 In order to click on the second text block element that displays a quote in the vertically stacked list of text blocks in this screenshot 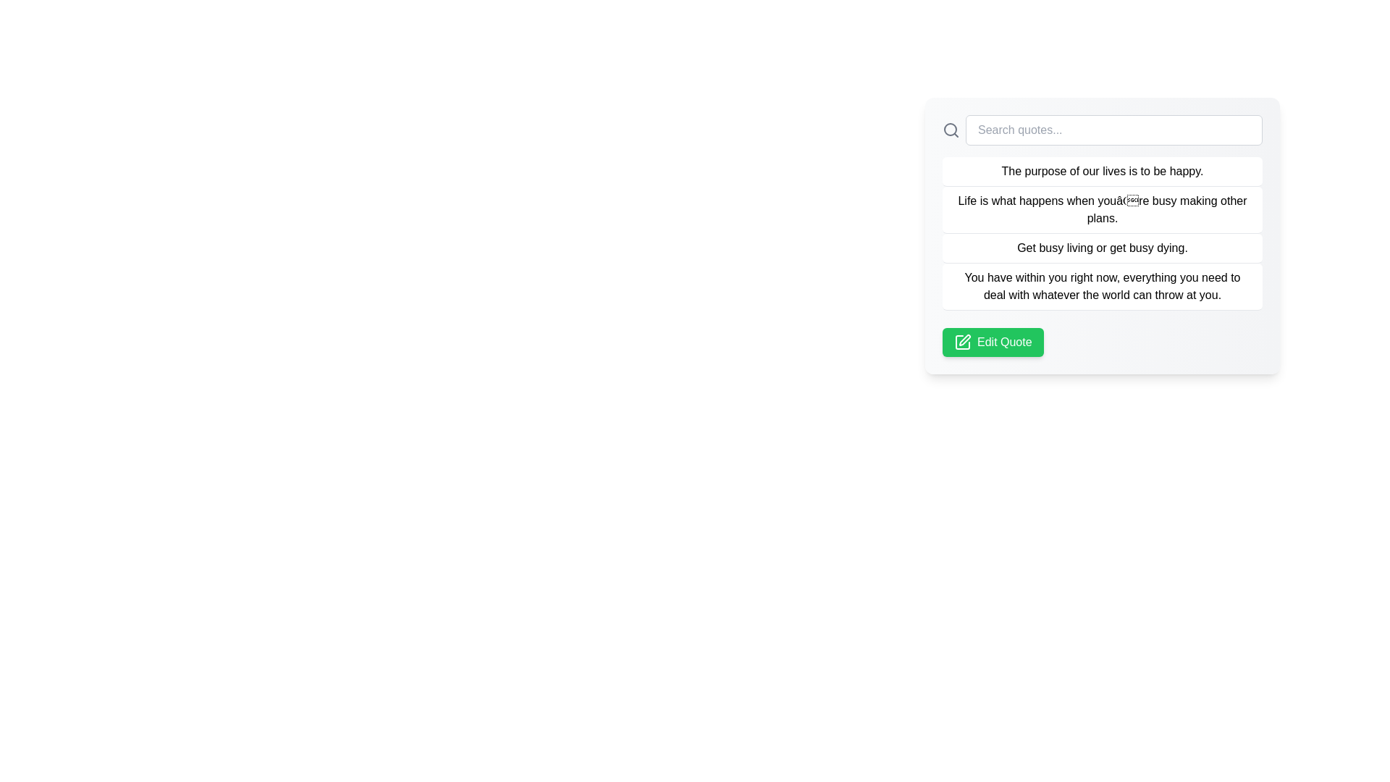, I will do `click(1101, 209)`.